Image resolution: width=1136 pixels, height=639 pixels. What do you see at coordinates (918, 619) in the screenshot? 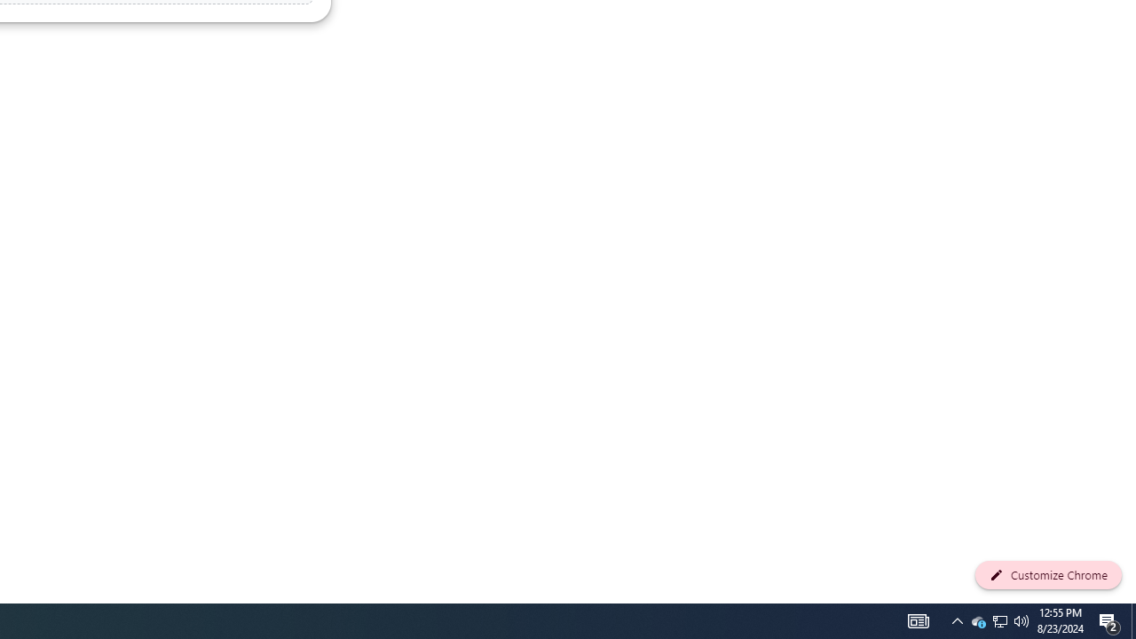
I see `'AutomationID: 4105'` at bounding box center [918, 619].